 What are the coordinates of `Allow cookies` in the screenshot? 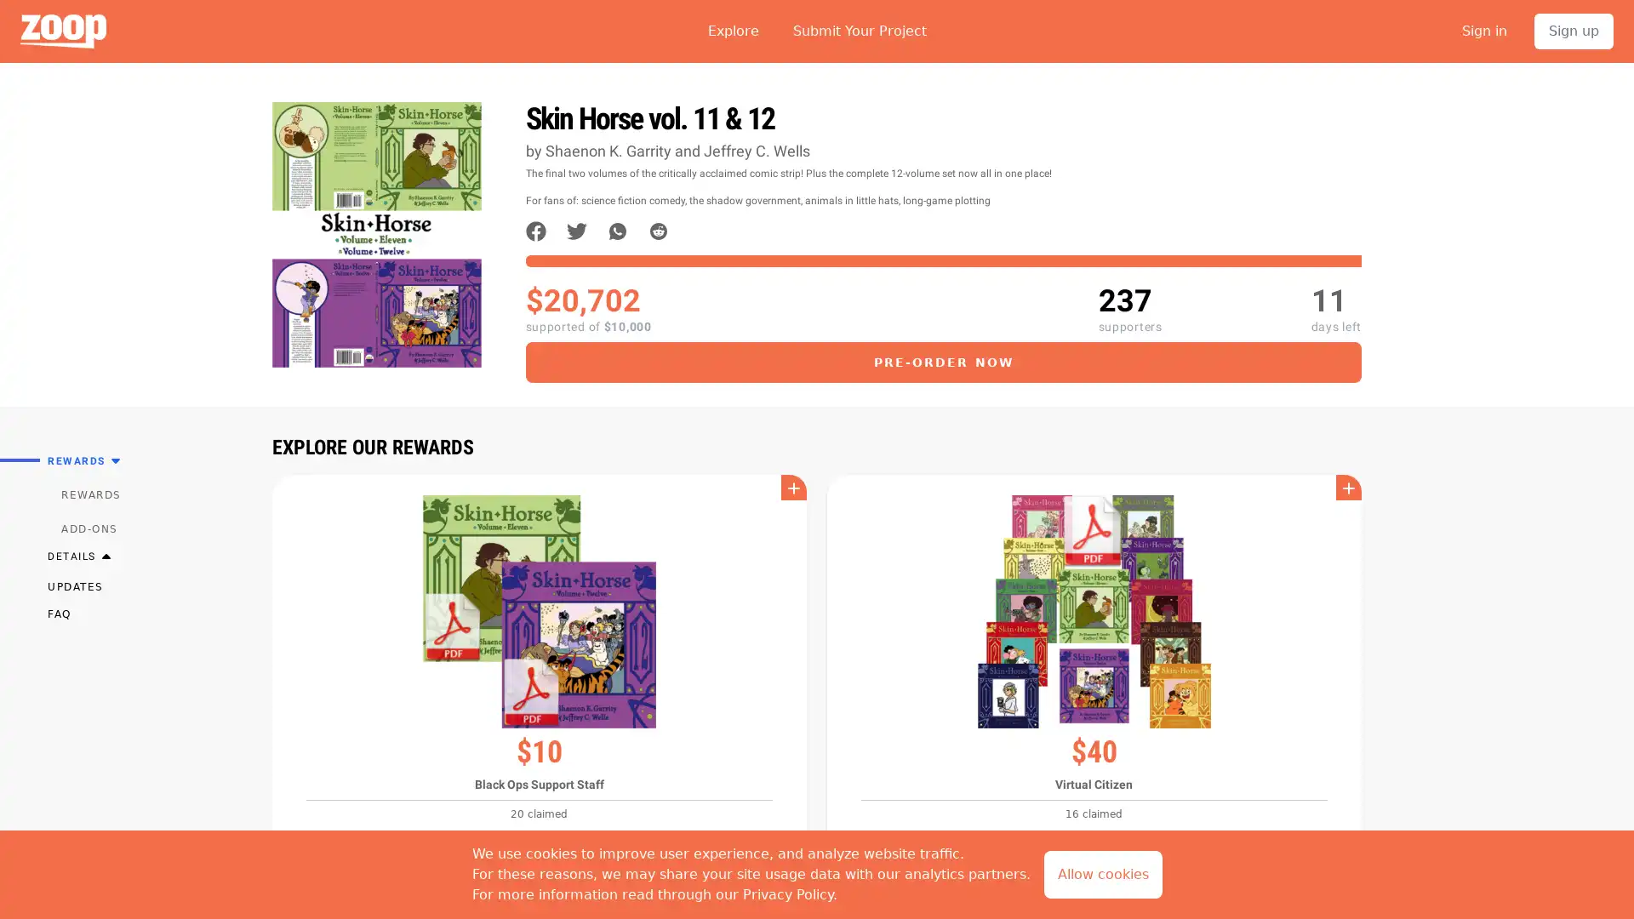 It's located at (1102, 875).